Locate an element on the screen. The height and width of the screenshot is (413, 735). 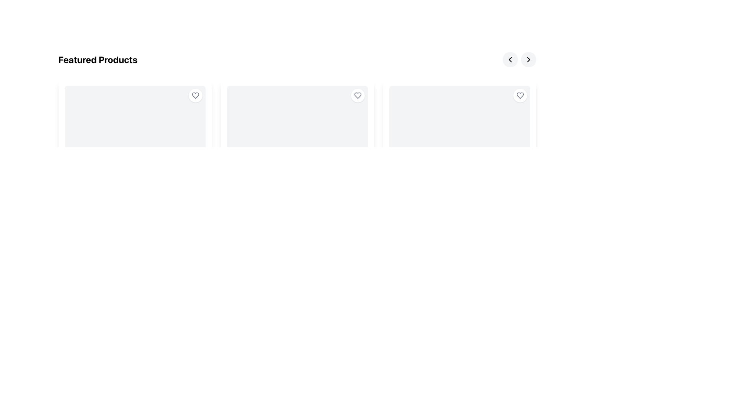
the circular button with a right-pointing arrow located in the upper-right corner of the interface is located at coordinates (528, 59).